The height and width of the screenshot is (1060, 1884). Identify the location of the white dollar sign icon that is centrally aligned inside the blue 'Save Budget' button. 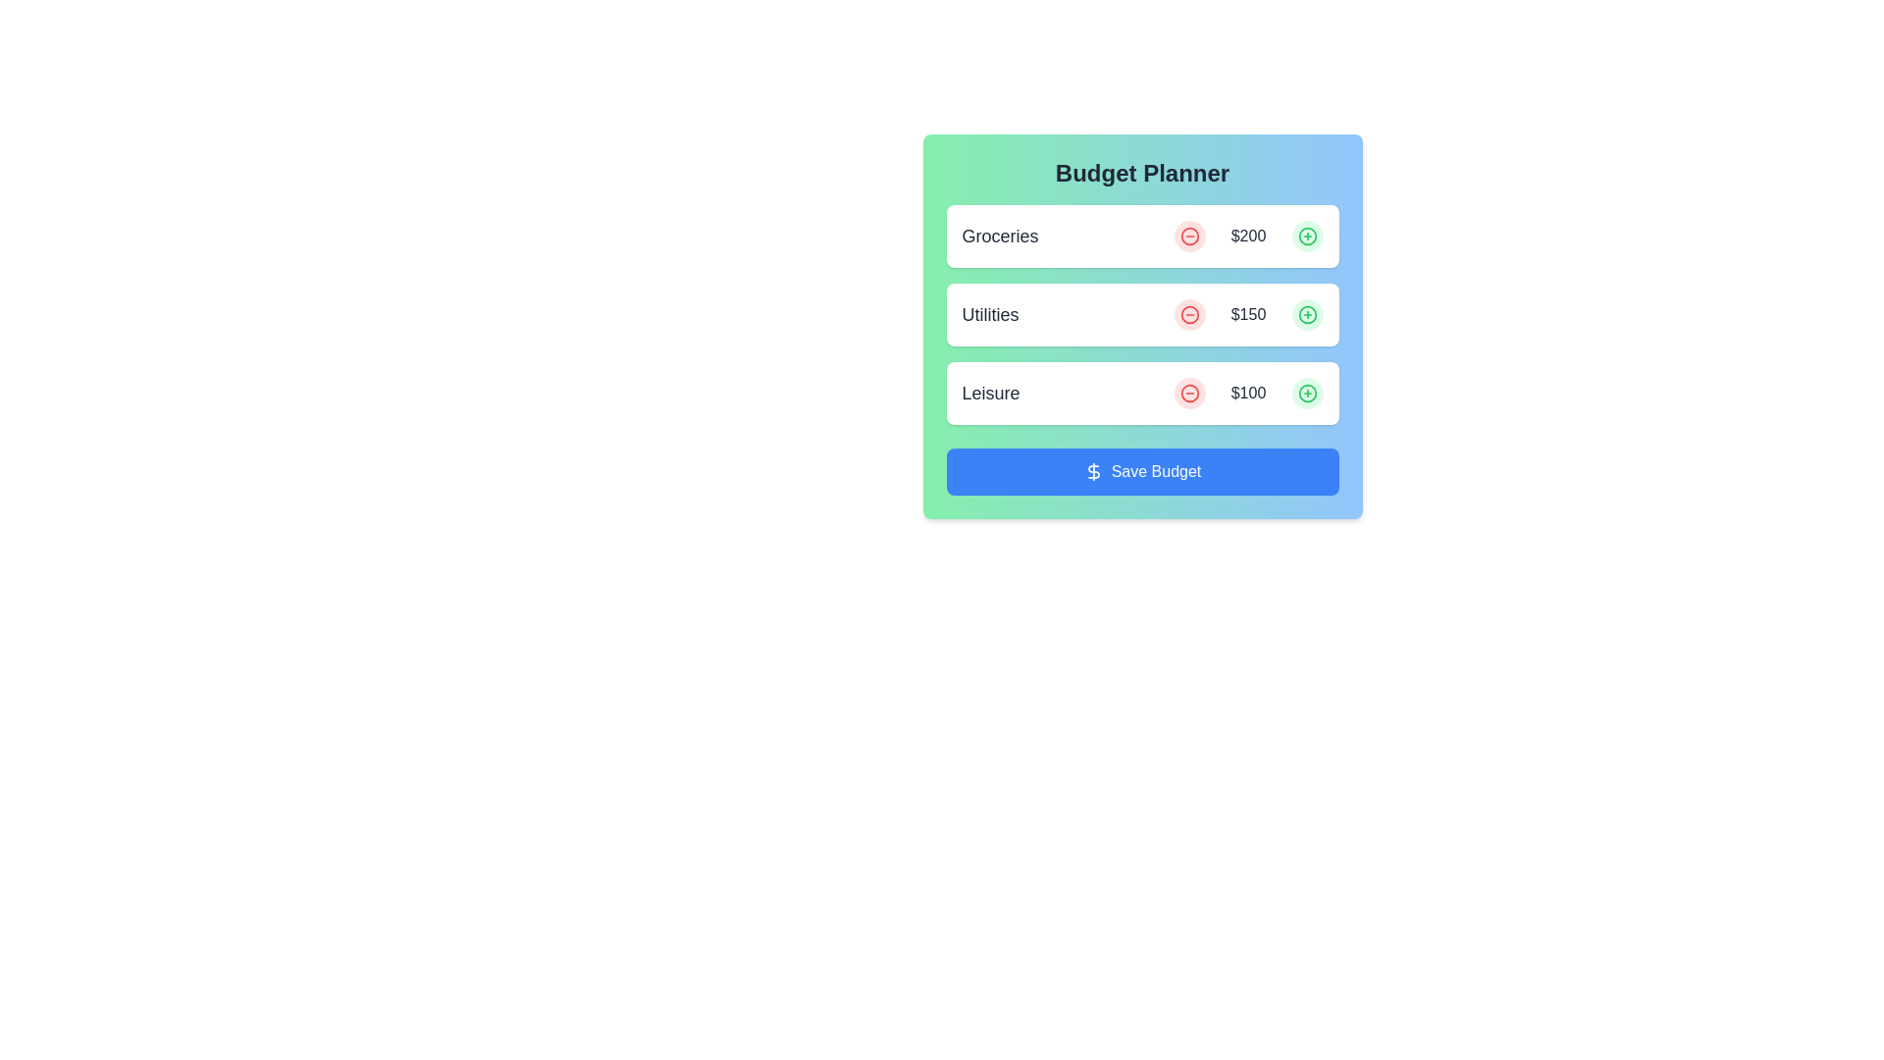
(1092, 472).